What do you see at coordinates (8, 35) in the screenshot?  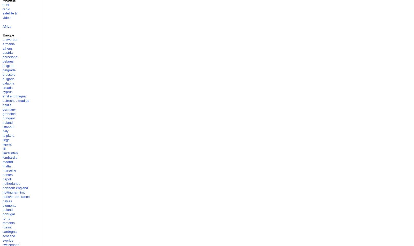 I see `'Europe'` at bounding box center [8, 35].